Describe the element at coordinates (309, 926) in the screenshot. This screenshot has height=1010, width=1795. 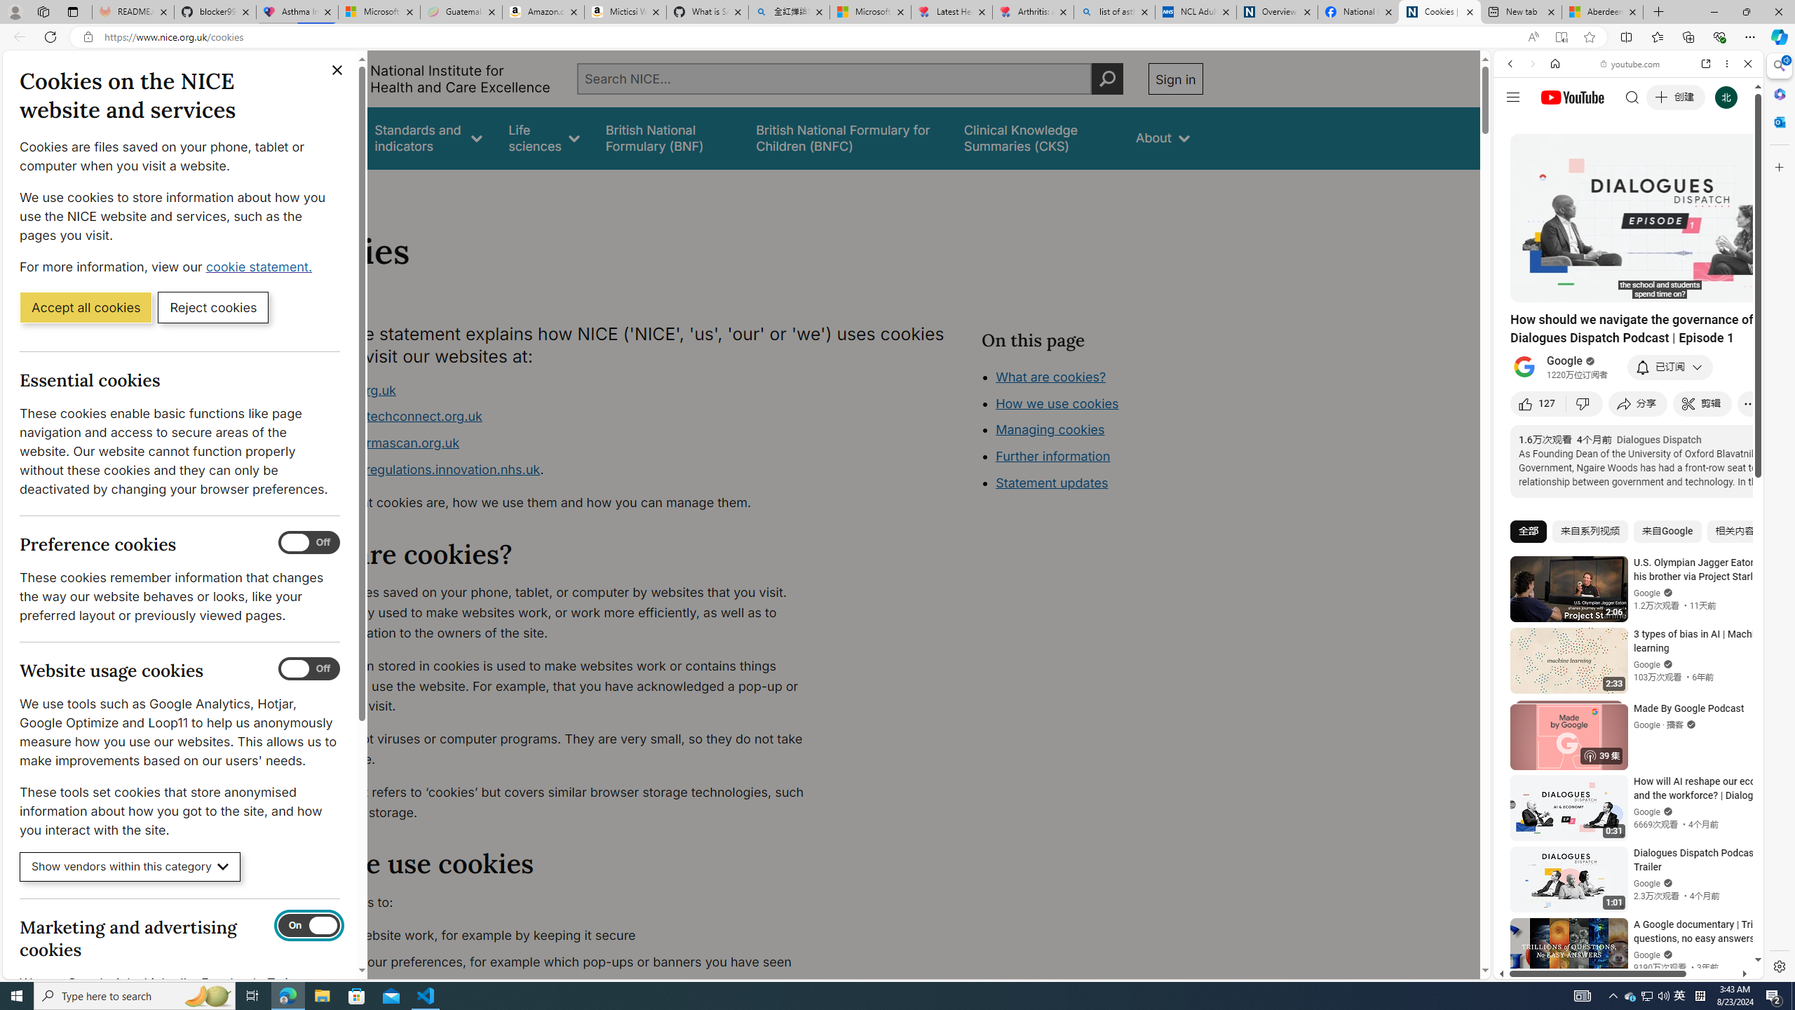
I see `'Marketing and advertising cookies'` at that location.